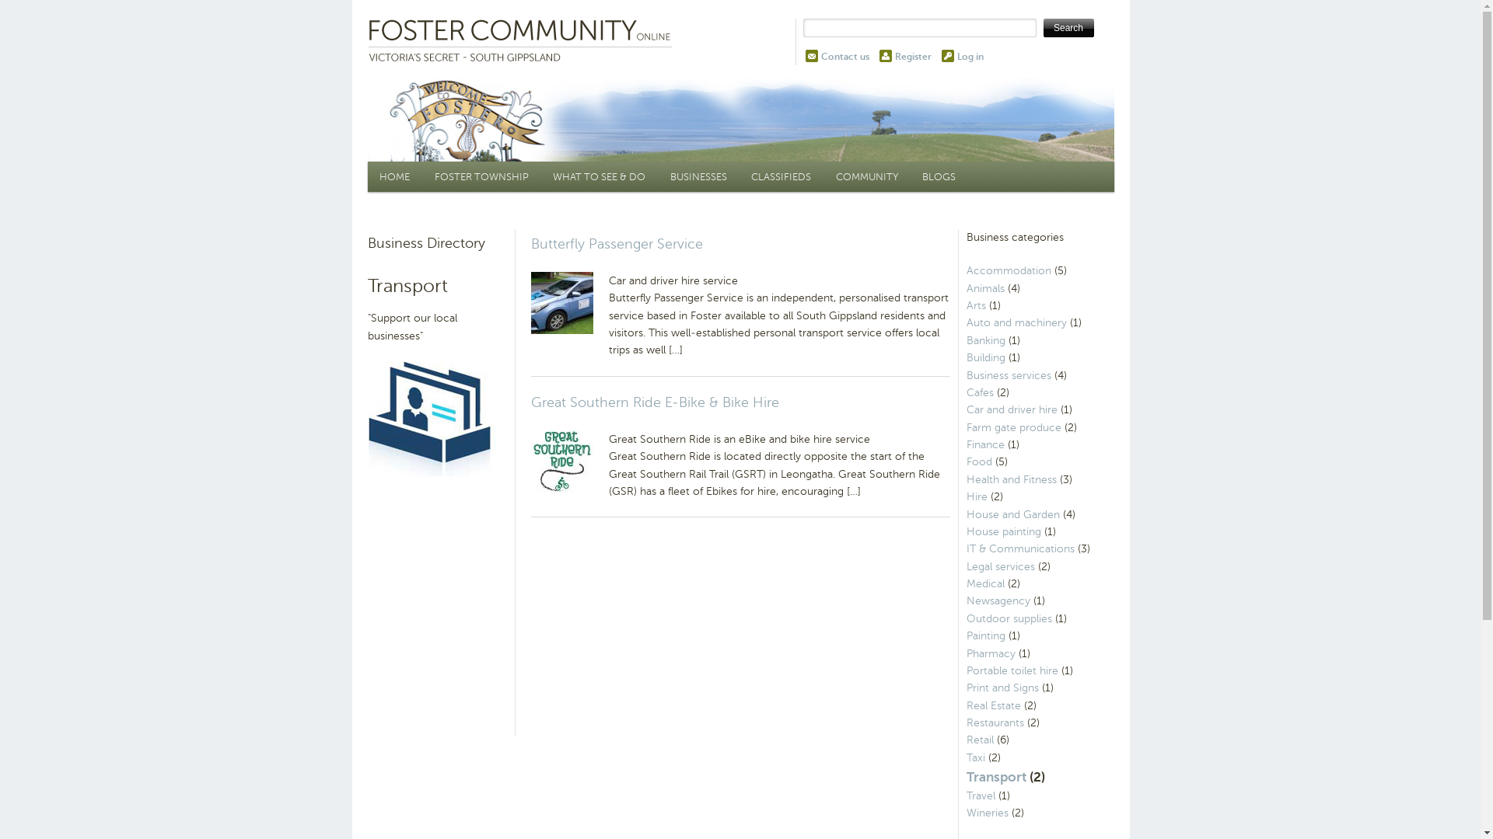  Describe the element at coordinates (1012, 427) in the screenshot. I see `'Farm gate produce'` at that location.